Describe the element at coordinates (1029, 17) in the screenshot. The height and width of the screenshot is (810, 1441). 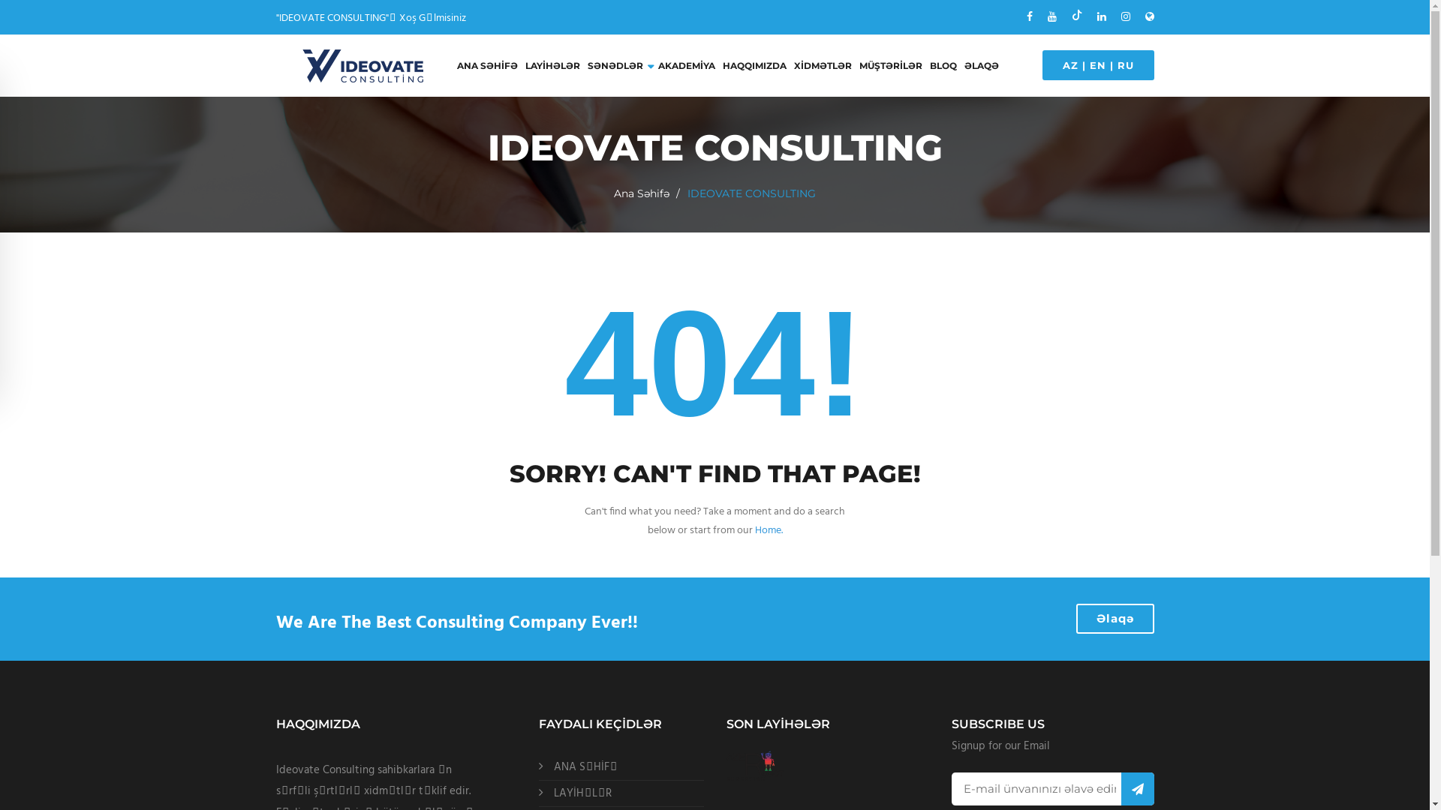
I see `'facebook'` at that location.